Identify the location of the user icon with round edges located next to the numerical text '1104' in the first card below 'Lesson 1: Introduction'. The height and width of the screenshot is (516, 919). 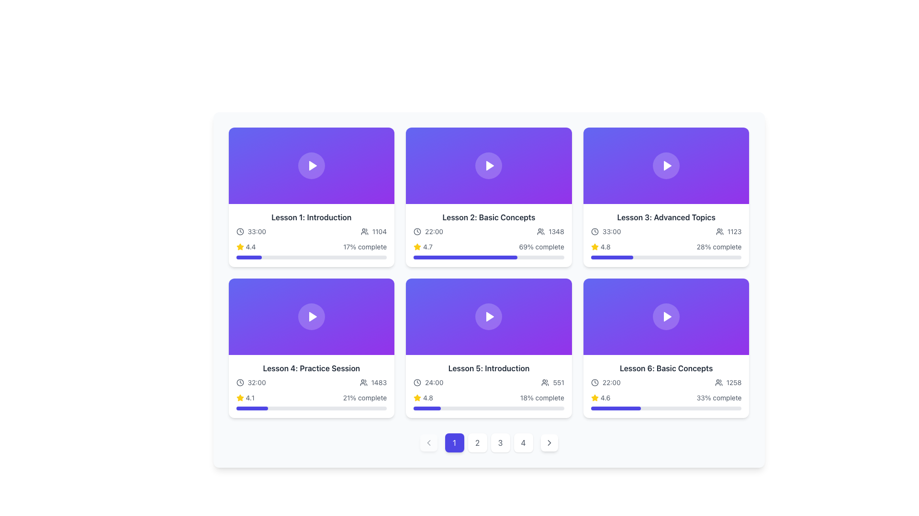
(364, 232).